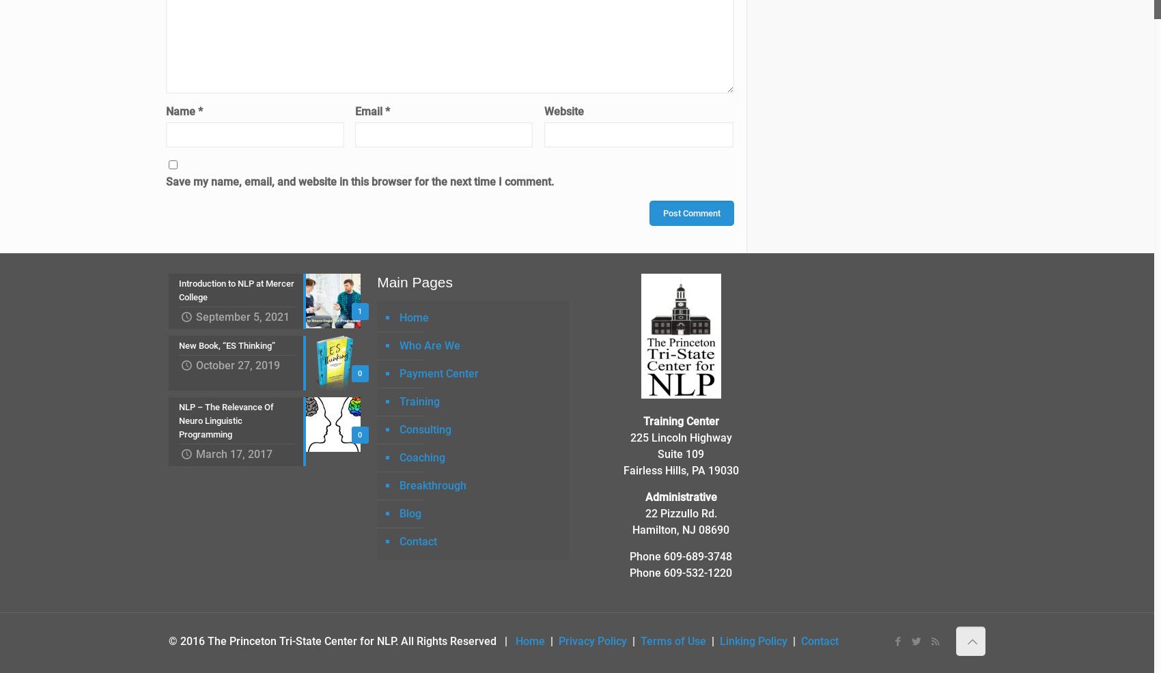 The height and width of the screenshot is (673, 1161). I want to click on 'Email', so click(369, 111).